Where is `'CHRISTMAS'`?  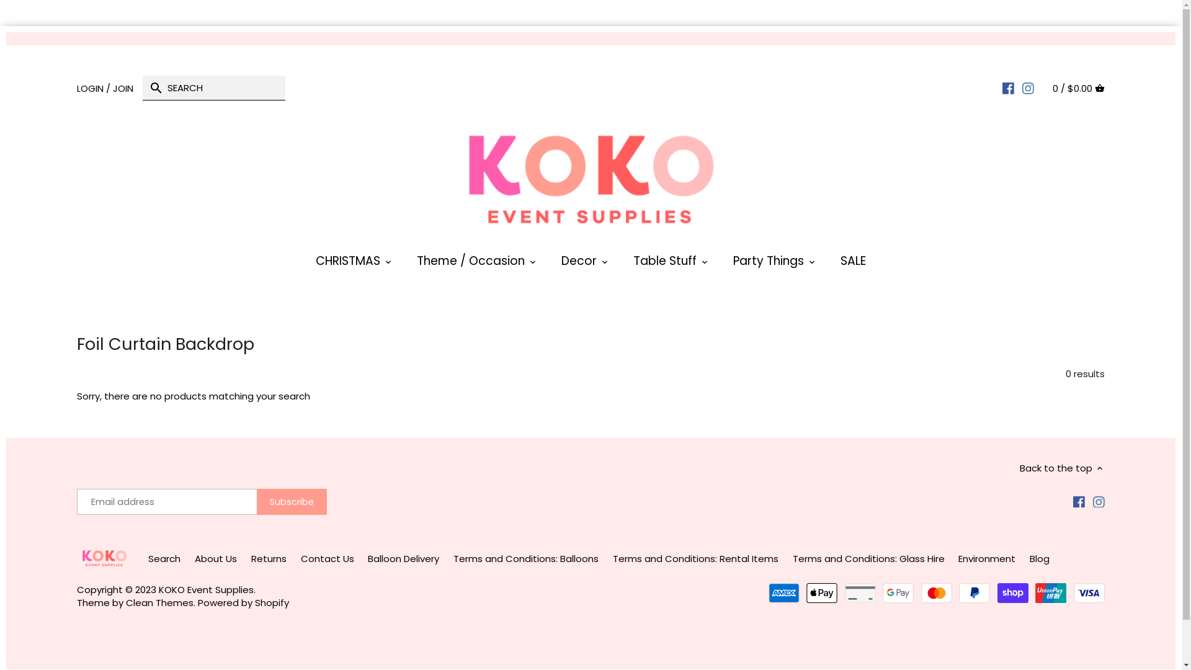
'CHRISTMAS' is located at coordinates (303, 263).